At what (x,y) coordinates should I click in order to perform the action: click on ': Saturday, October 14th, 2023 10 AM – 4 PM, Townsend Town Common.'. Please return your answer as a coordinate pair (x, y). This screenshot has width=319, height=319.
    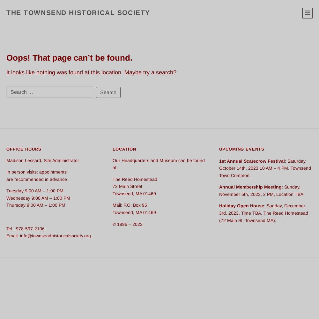
    Looking at the image, I should click on (264, 168).